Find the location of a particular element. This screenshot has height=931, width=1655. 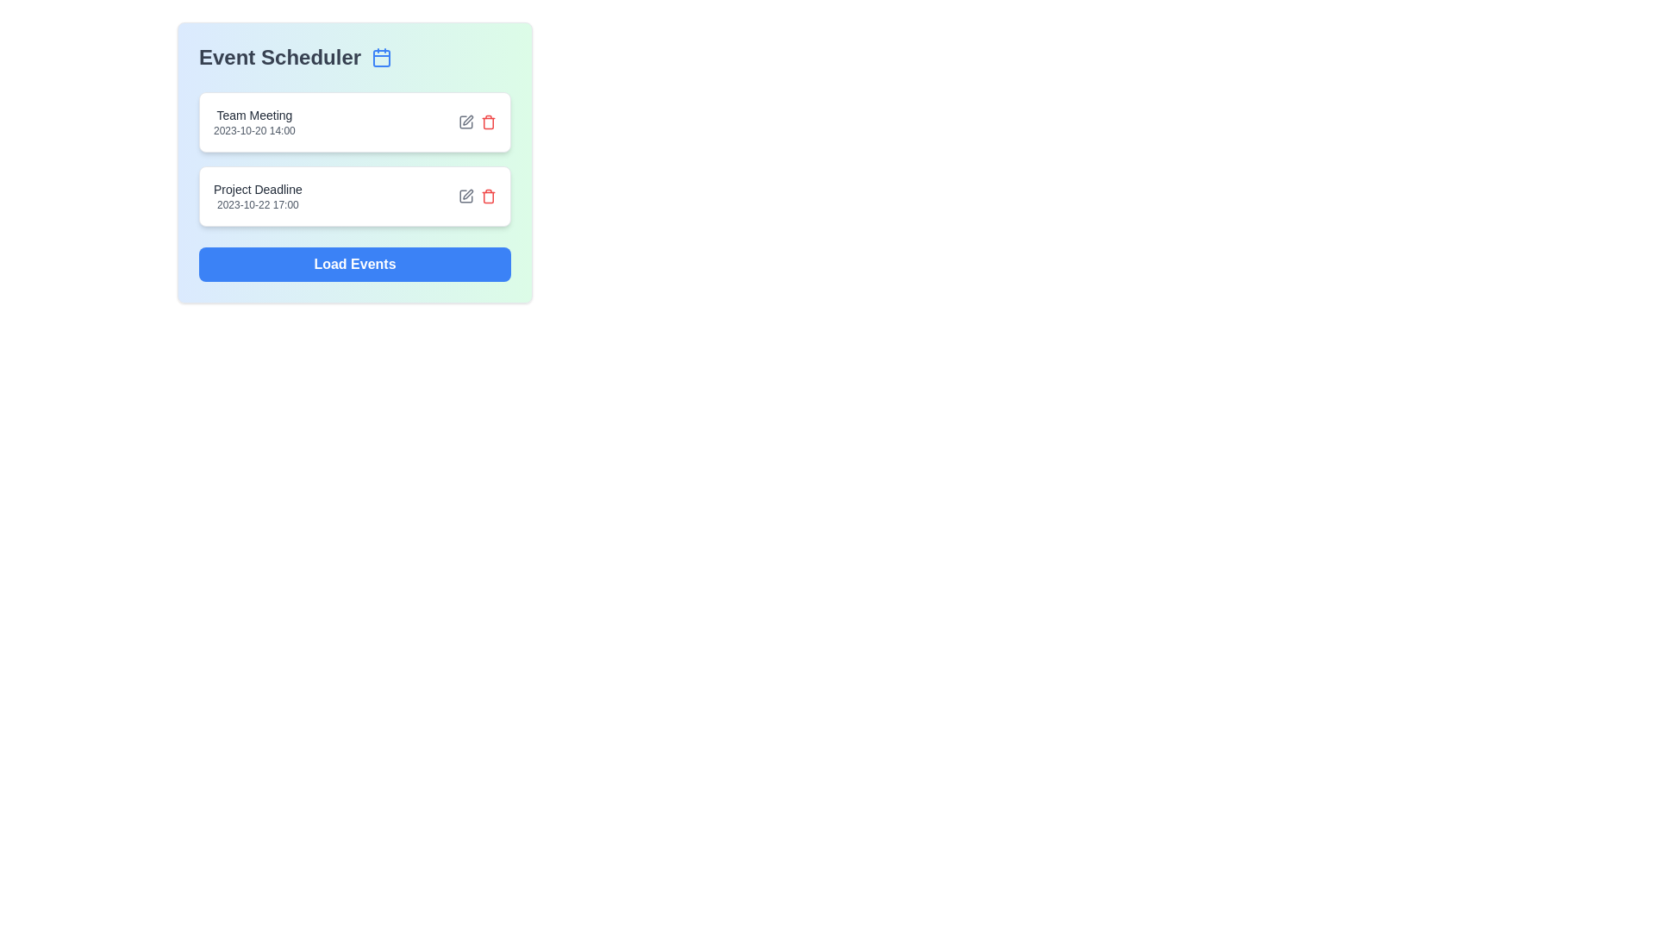

the red trash can icon representing the delete action located on the right side of the second event item under 'Event Scheduler' is located at coordinates (487, 195).